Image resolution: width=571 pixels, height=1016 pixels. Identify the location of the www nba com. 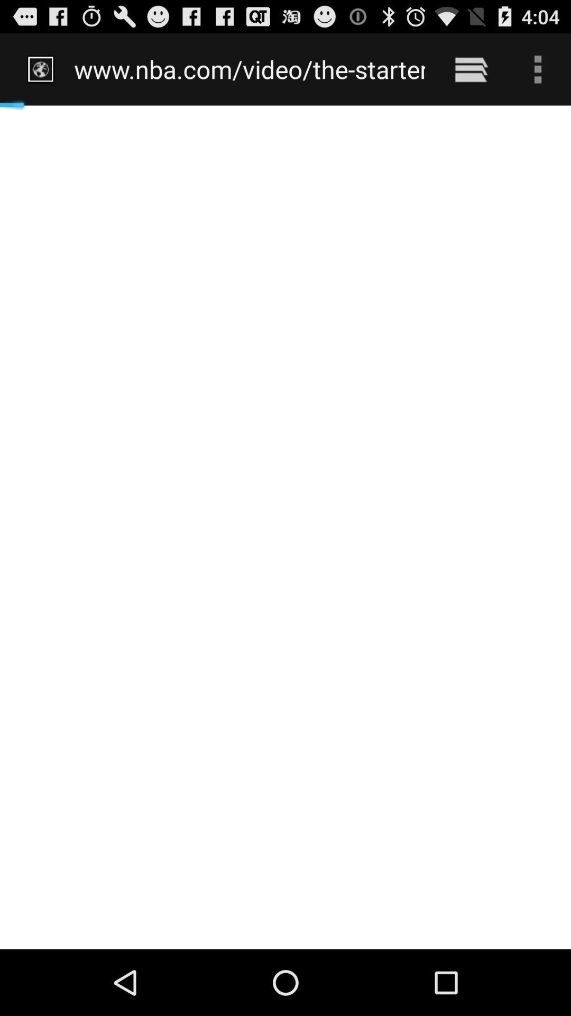
(250, 69).